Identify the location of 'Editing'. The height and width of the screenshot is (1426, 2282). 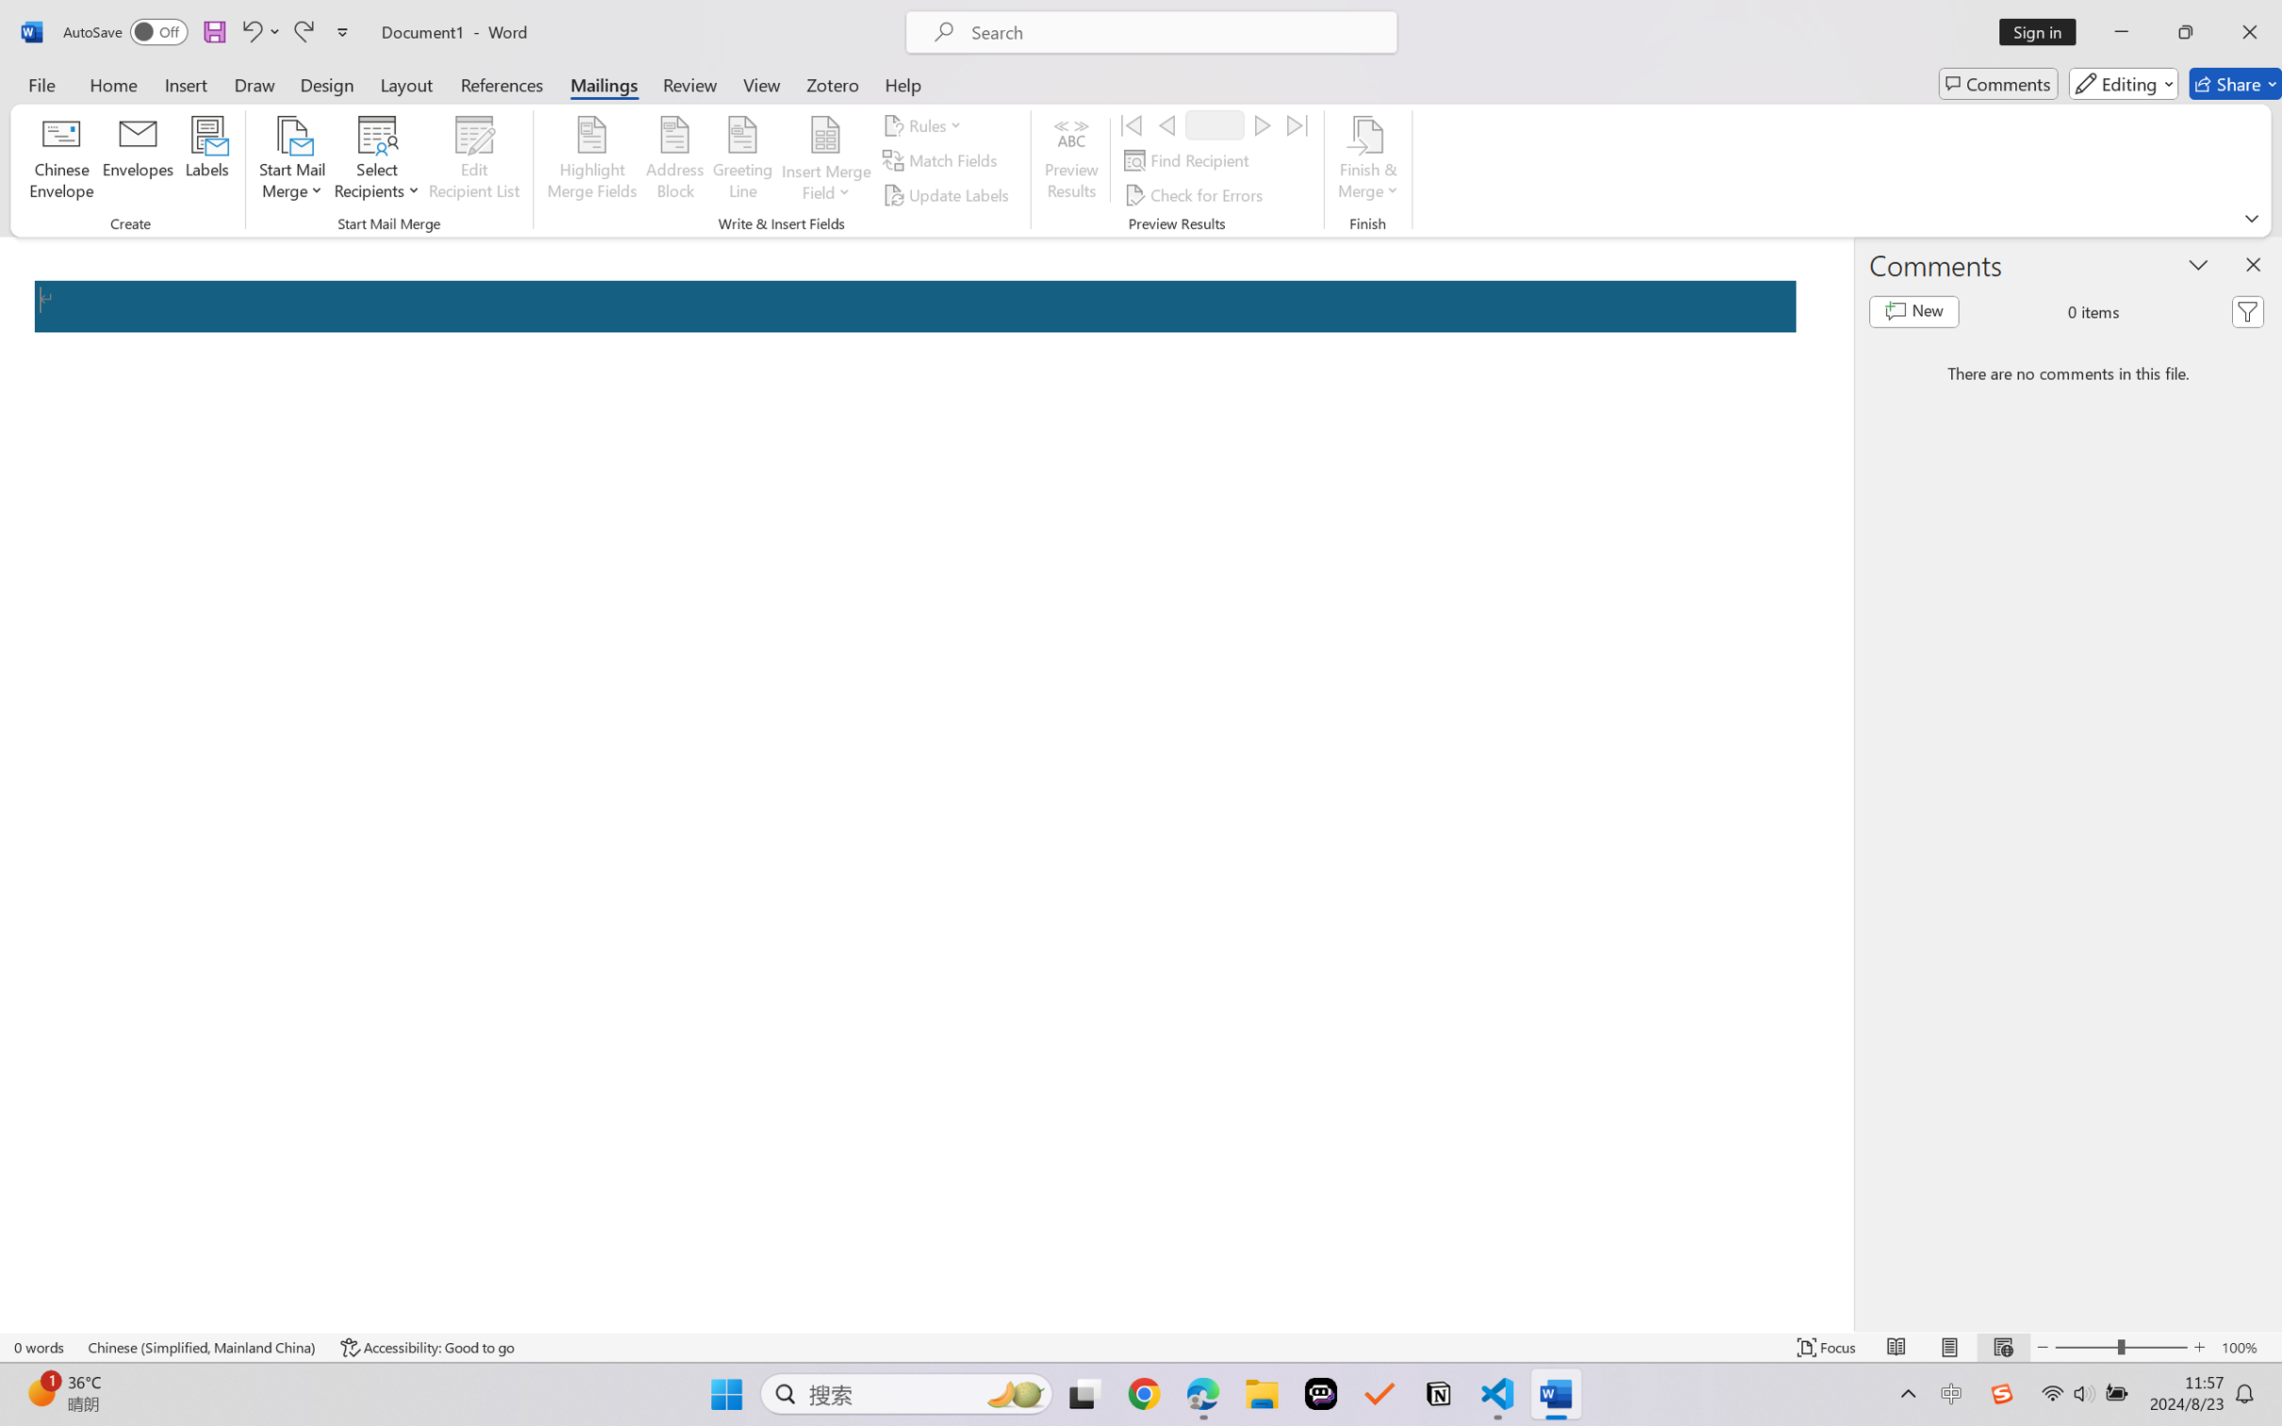
(2125, 83).